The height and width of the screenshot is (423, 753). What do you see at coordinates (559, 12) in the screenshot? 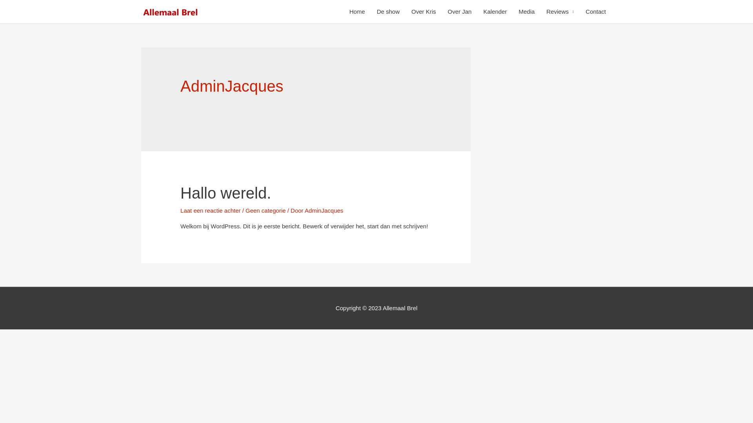
I see `'Reviews'` at bounding box center [559, 12].